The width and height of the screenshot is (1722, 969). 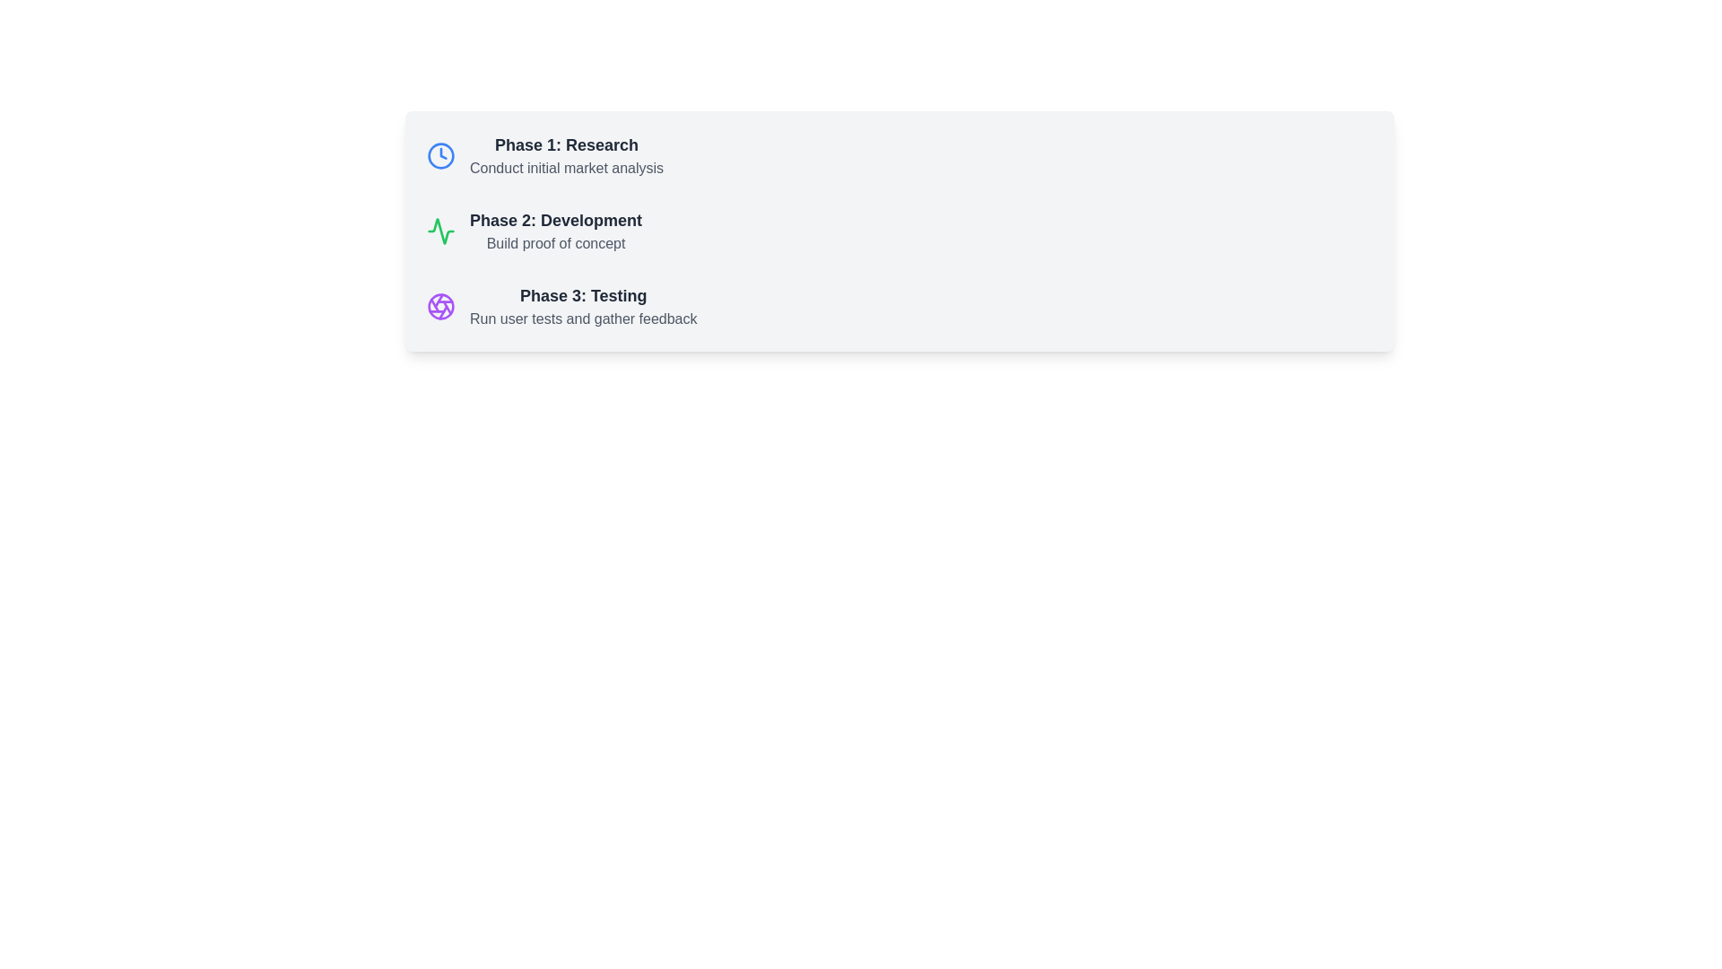 What do you see at coordinates (440, 306) in the screenshot?
I see `the icon representing 'Phase 3: Testing', which is positioned to the left of the text content and serves as a visual cue for the associated content` at bounding box center [440, 306].